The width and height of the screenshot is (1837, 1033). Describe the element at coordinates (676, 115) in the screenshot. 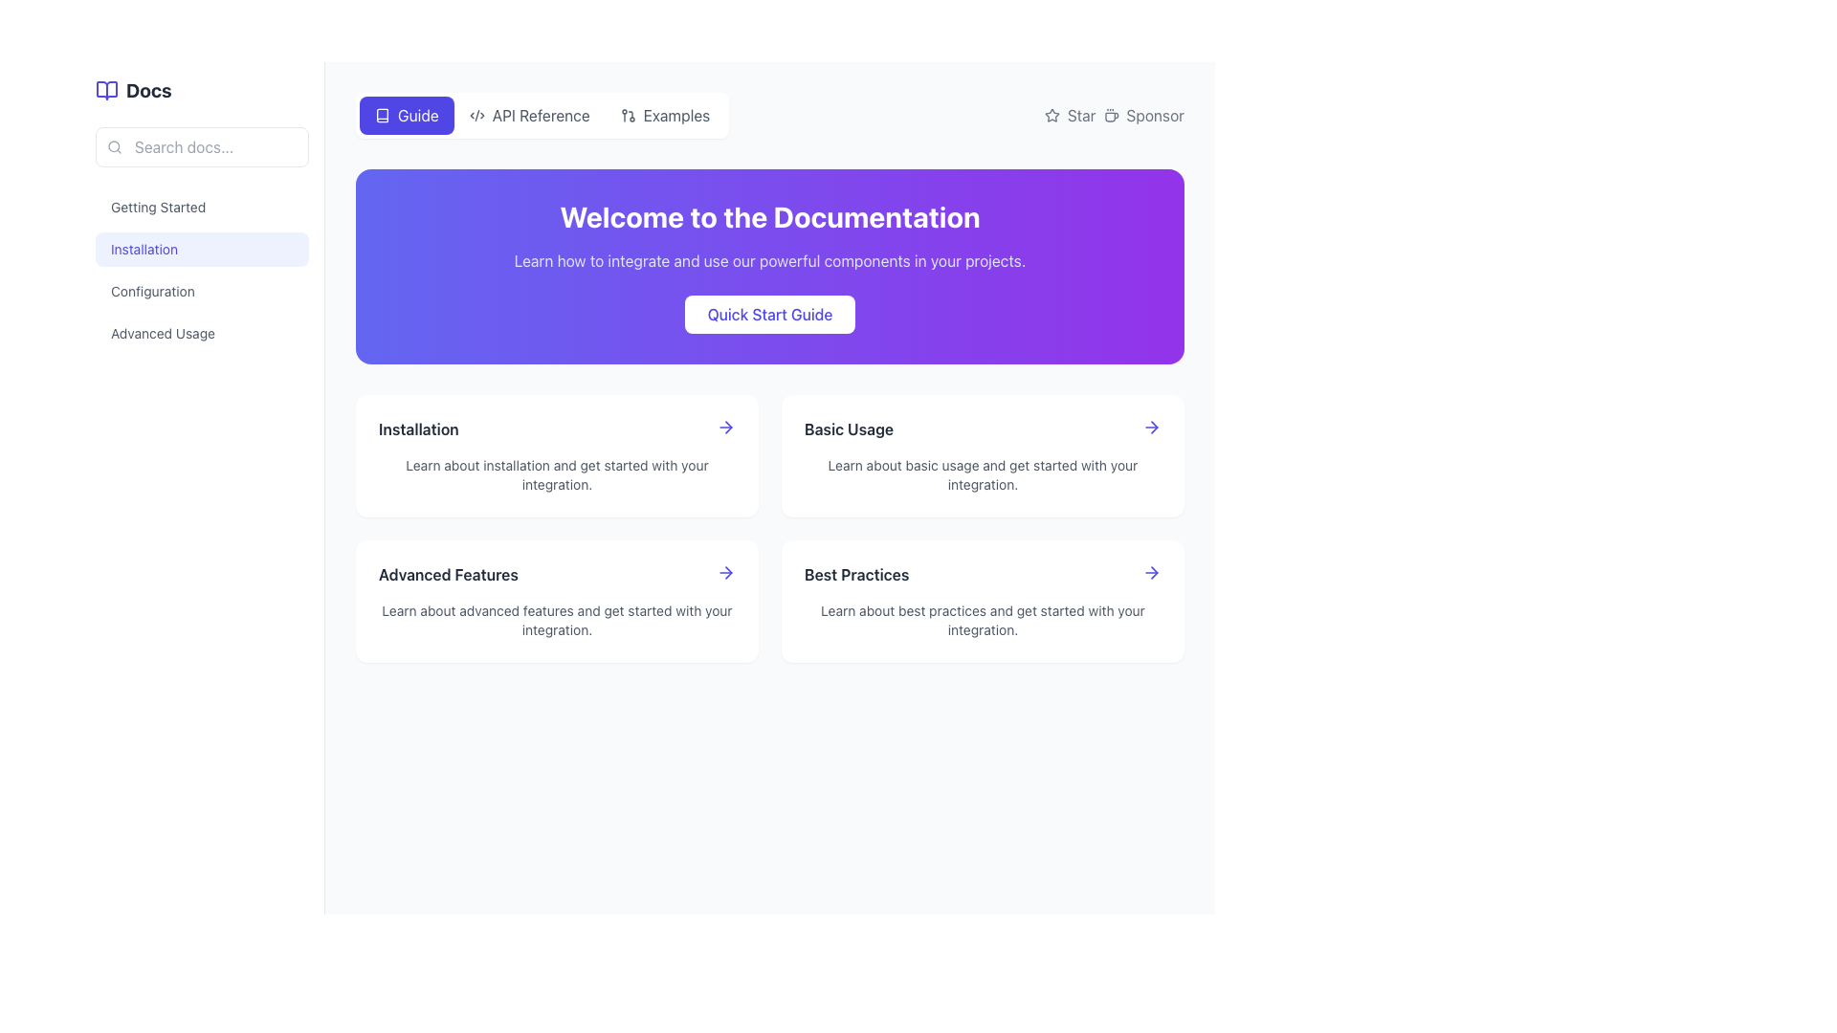

I see `the Text Link in the top-right horizontal menu bar, which is the third item and follows the 'API Reference' option` at that location.